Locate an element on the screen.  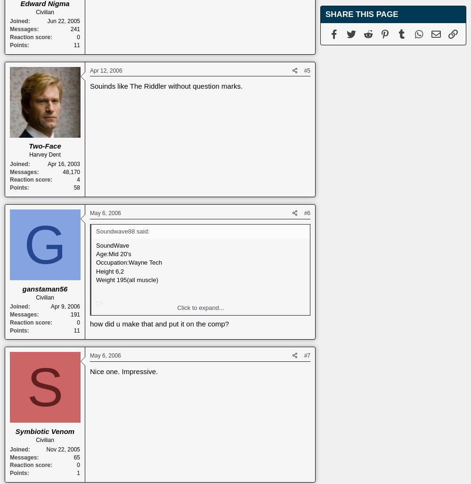
'He was once a former work at Wayne Tech but during an exparment Batman saved him and Soundwave(rela name Mark) thought he was gunna kill him...Mark swore to kill Batman. Then Bruce fired because the exparment almost killed all of Gotham. As SoundWave he want to kill Batman and Bruce Wayne...' is located at coordinates (96, 366).